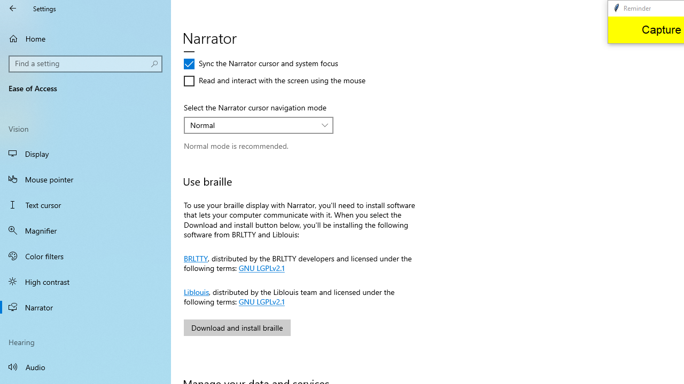 Image resolution: width=684 pixels, height=384 pixels. I want to click on 'Normal', so click(252, 124).